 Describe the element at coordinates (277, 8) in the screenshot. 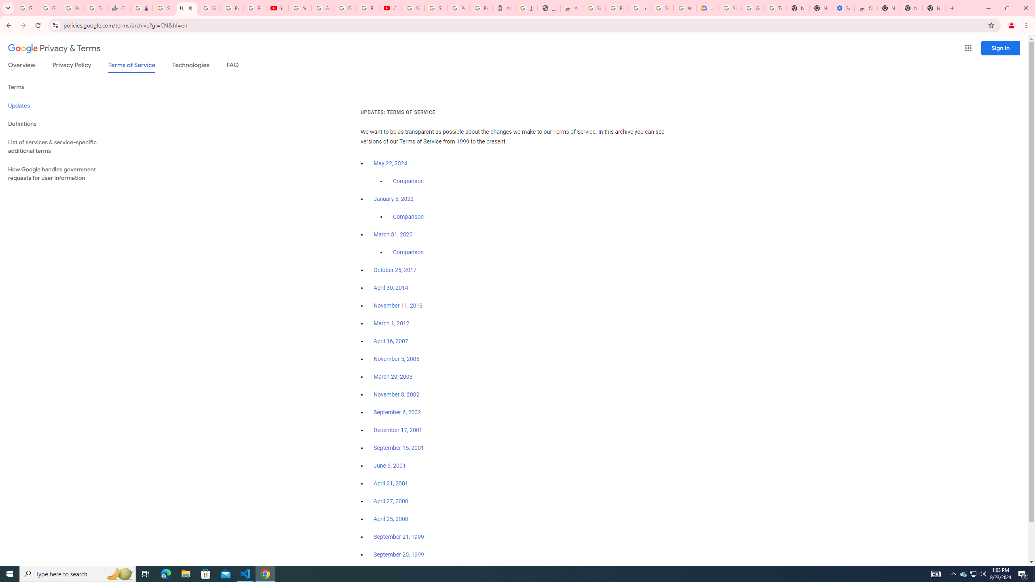

I see `'YouTube'` at that location.